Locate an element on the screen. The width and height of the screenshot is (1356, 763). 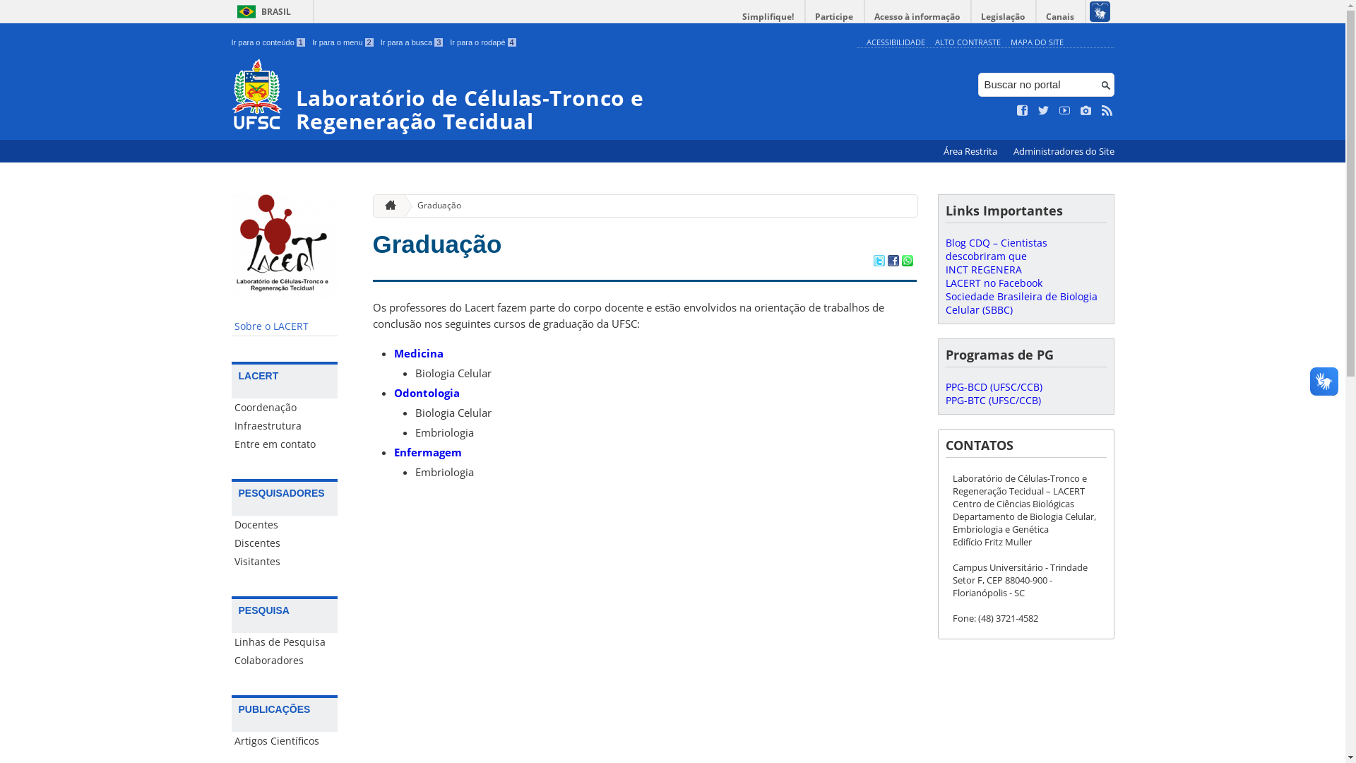
'PPG-BTC (UFSC/CCB)' is located at coordinates (992, 400).